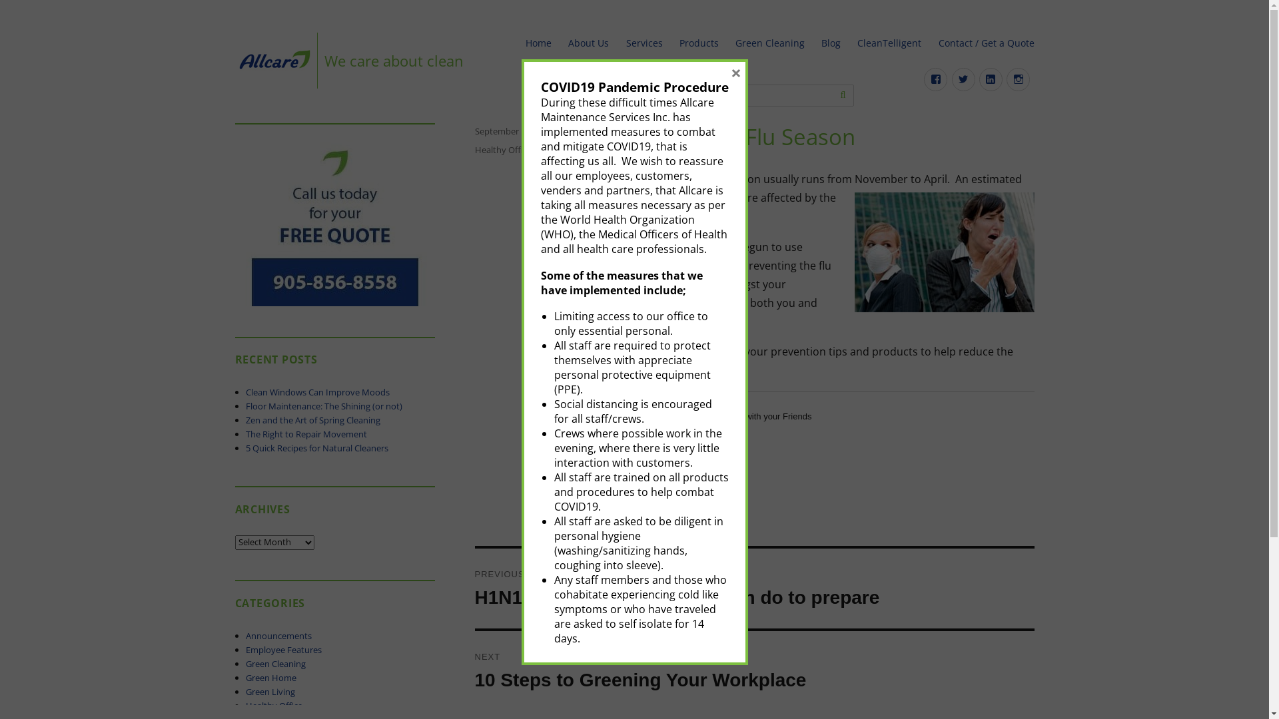  What do you see at coordinates (588, 43) in the screenshot?
I see `'About Us'` at bounding box center [588, 43].